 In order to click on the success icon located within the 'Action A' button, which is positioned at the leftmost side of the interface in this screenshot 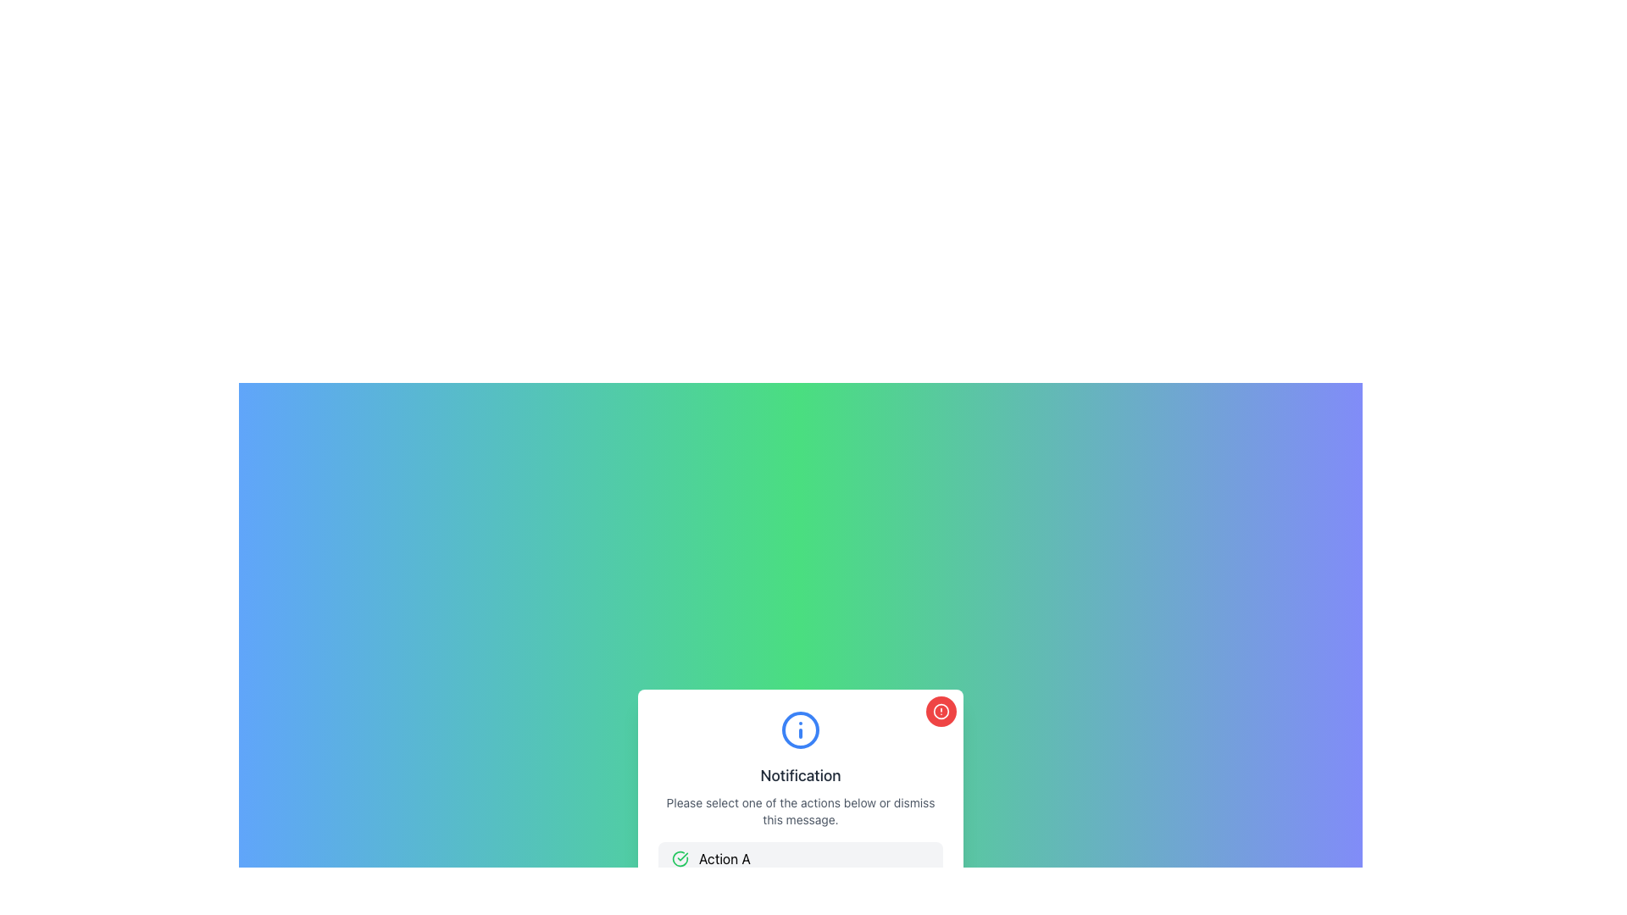, I will do `click(680, 859)`.